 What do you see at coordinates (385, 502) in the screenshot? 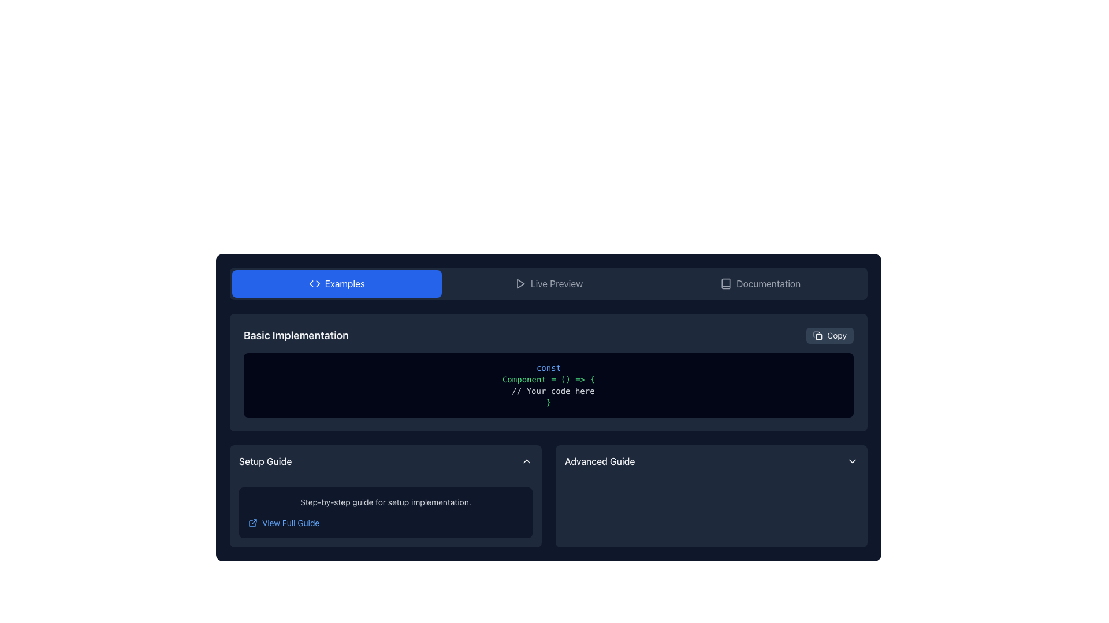
I see `the guidance text element located in the 'Setup Guide' section, positioned beneath the header and next to the 'View Full Guide' button` at bounding box center [385, 502].